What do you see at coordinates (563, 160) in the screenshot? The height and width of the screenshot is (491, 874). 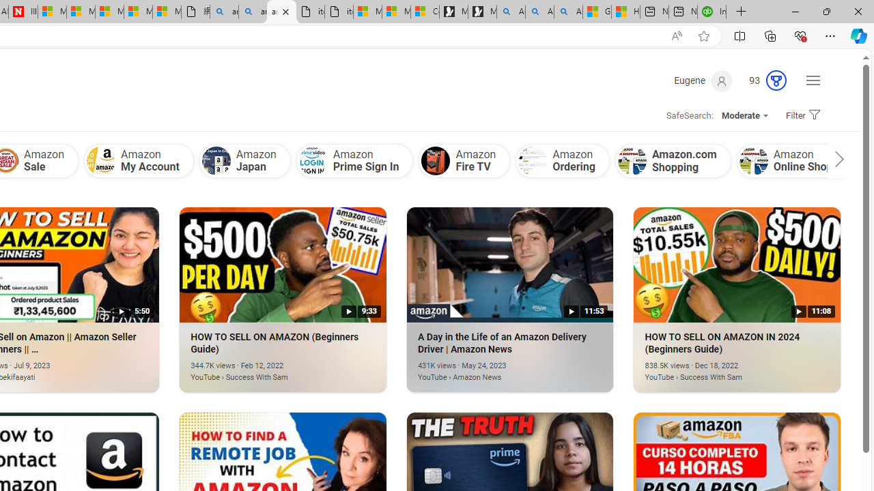 I see `'Amazon Ordering'` at bounding box center [563, 160].